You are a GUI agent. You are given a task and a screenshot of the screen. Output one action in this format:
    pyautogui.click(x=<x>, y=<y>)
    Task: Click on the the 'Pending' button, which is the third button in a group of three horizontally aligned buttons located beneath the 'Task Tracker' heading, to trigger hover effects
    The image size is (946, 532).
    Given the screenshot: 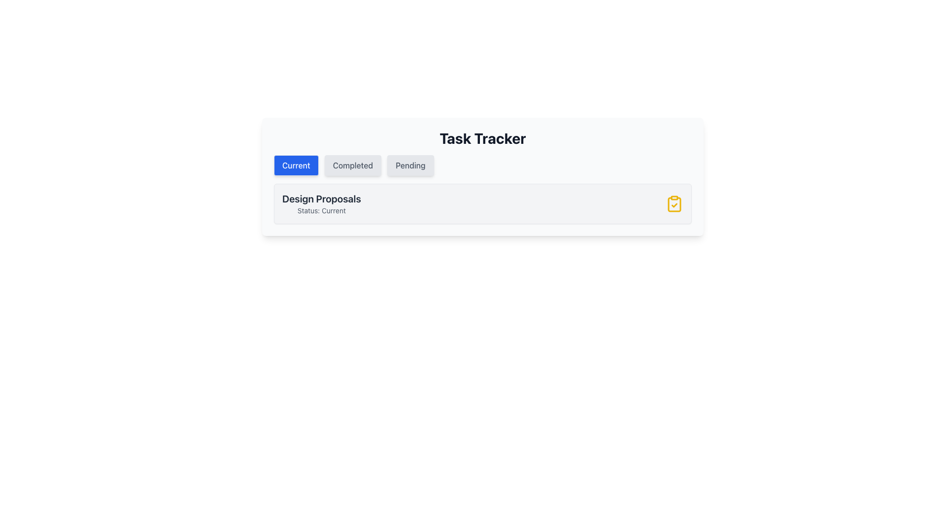 What is the action you would take?
    pyautogui.click(x=410, y=165)
    